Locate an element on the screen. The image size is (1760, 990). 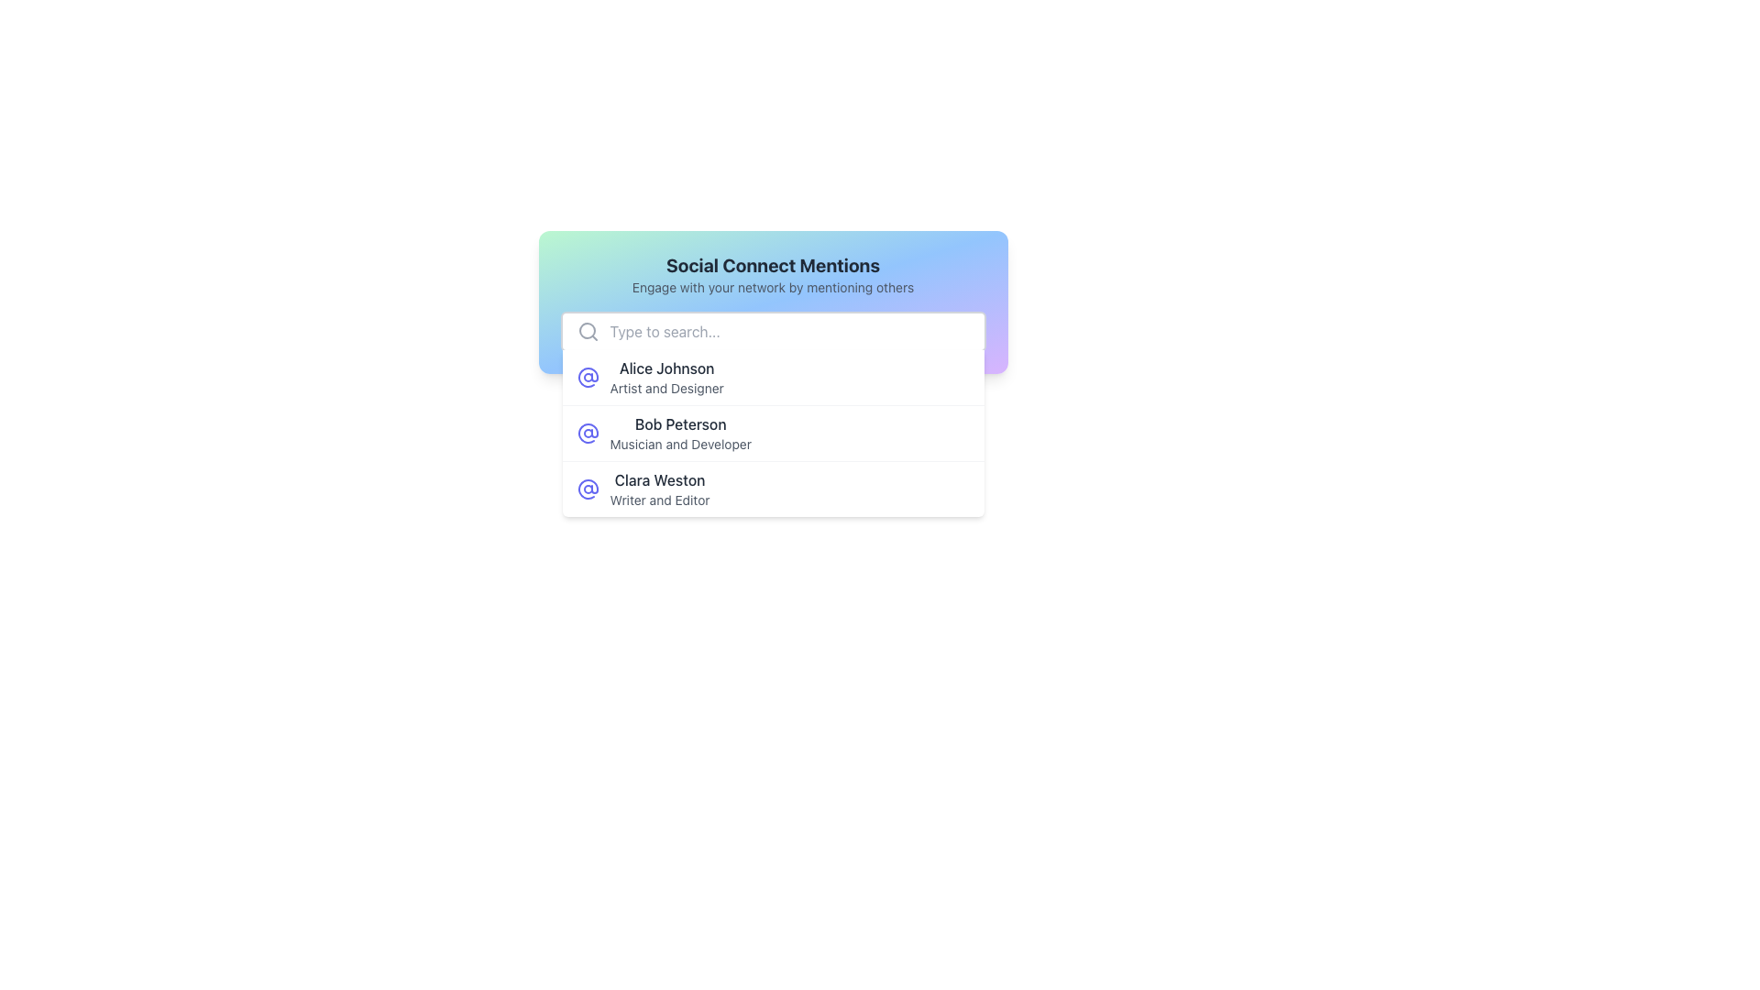
the text label displaying 'Clara Weston' that indicates her role as 'Writer and Editor' within the dropdown panel is located at coordinates (660, 488).